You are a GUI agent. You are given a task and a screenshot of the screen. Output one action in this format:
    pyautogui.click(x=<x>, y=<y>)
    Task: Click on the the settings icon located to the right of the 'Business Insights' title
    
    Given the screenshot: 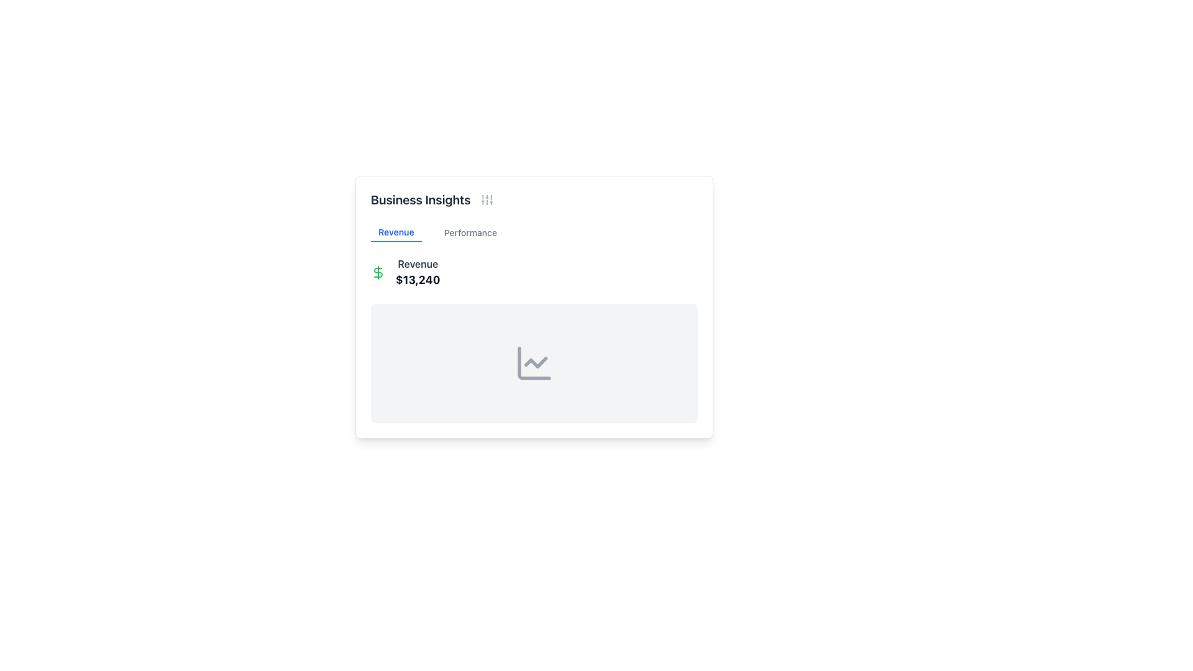 What is the action you would take?
    pyautogui.click(x=486, y=199)
    